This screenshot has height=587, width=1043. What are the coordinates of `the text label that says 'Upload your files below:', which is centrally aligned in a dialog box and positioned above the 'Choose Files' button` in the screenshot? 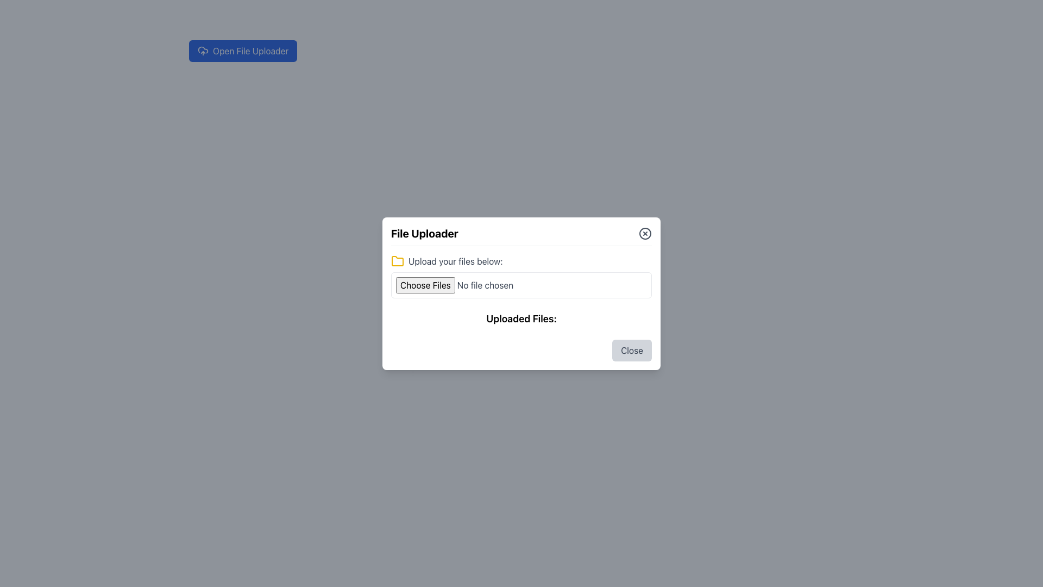 It's located at (455, 261).